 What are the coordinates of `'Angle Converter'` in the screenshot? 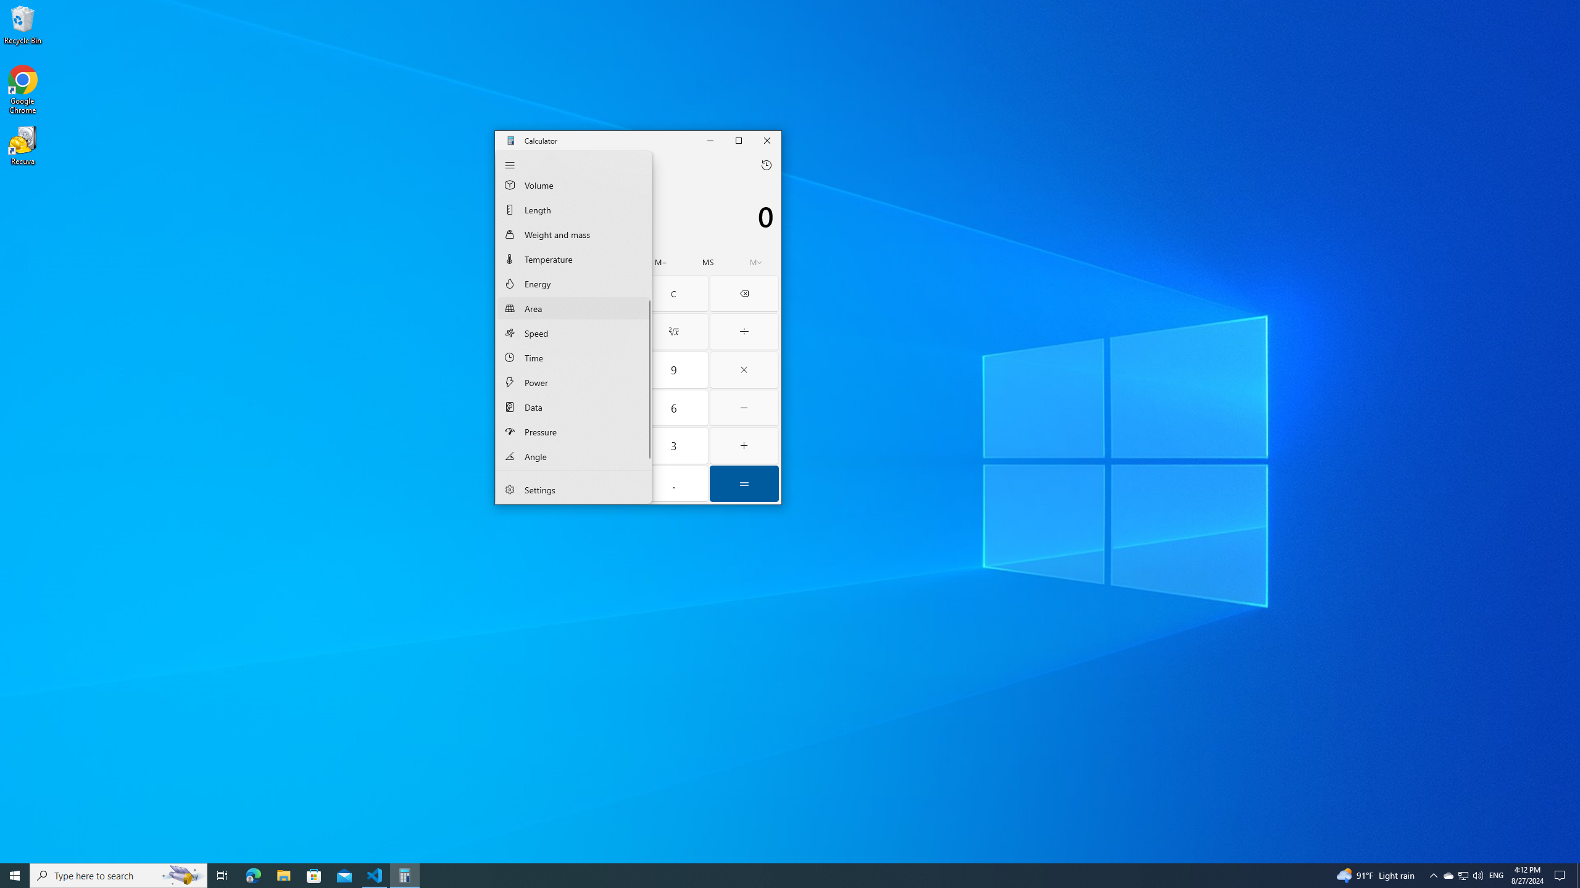 It's located at (573, 456).